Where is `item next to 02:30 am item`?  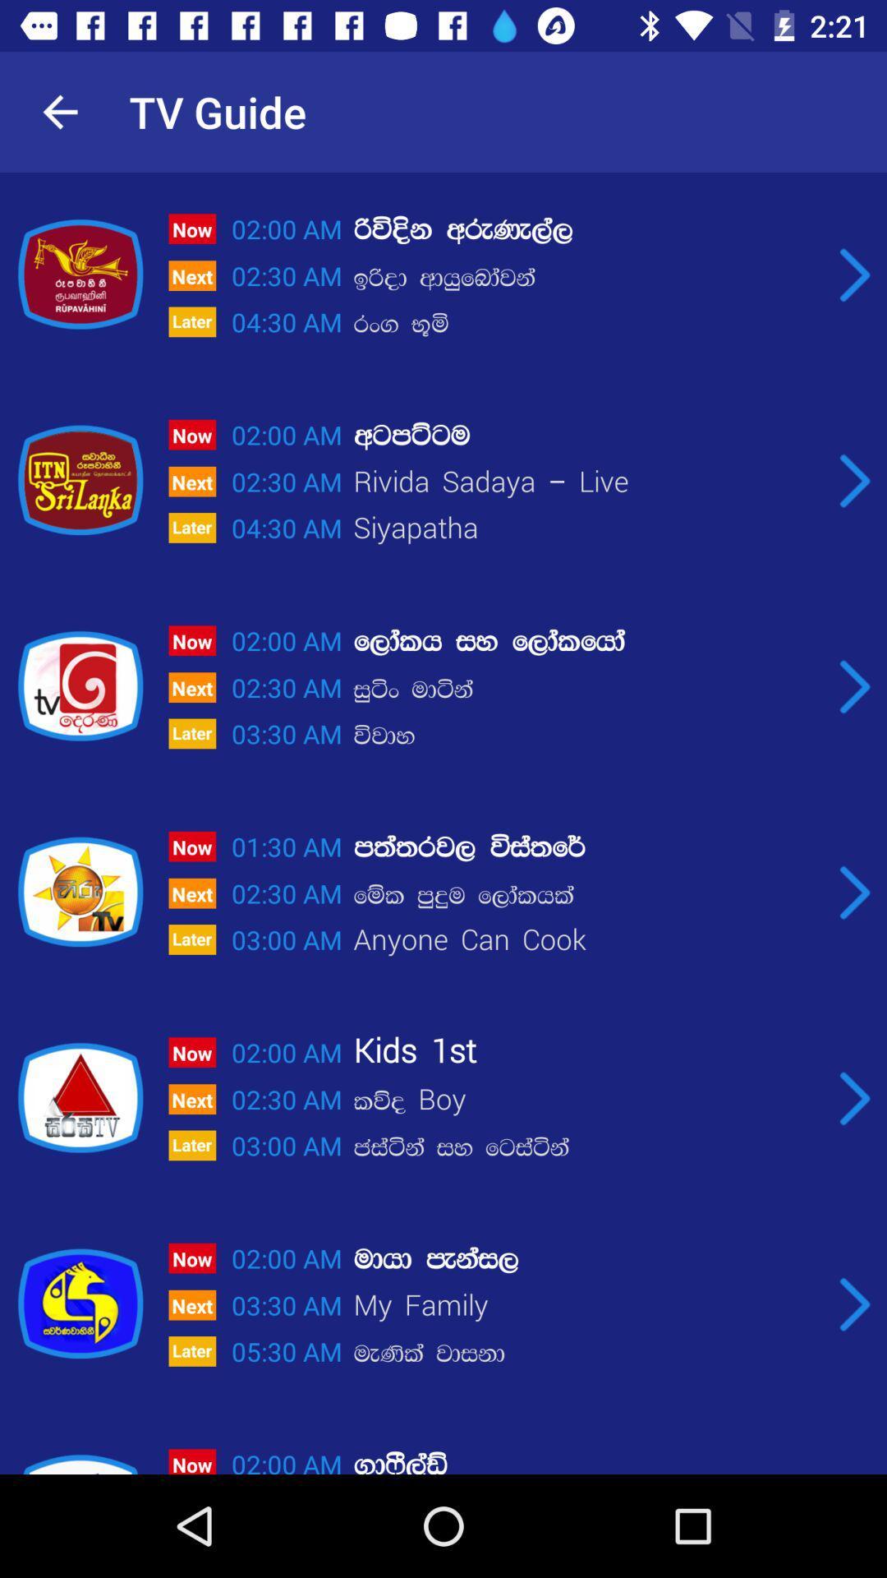 item next to 02:30 am item is located at coordinates (586, 278).